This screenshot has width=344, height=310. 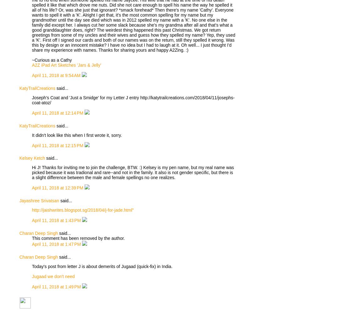 What do you see at coordinates (32, 60) in the screenshot?
I see `'~Curious as a Cathy'` at bounding box center [32, 60].